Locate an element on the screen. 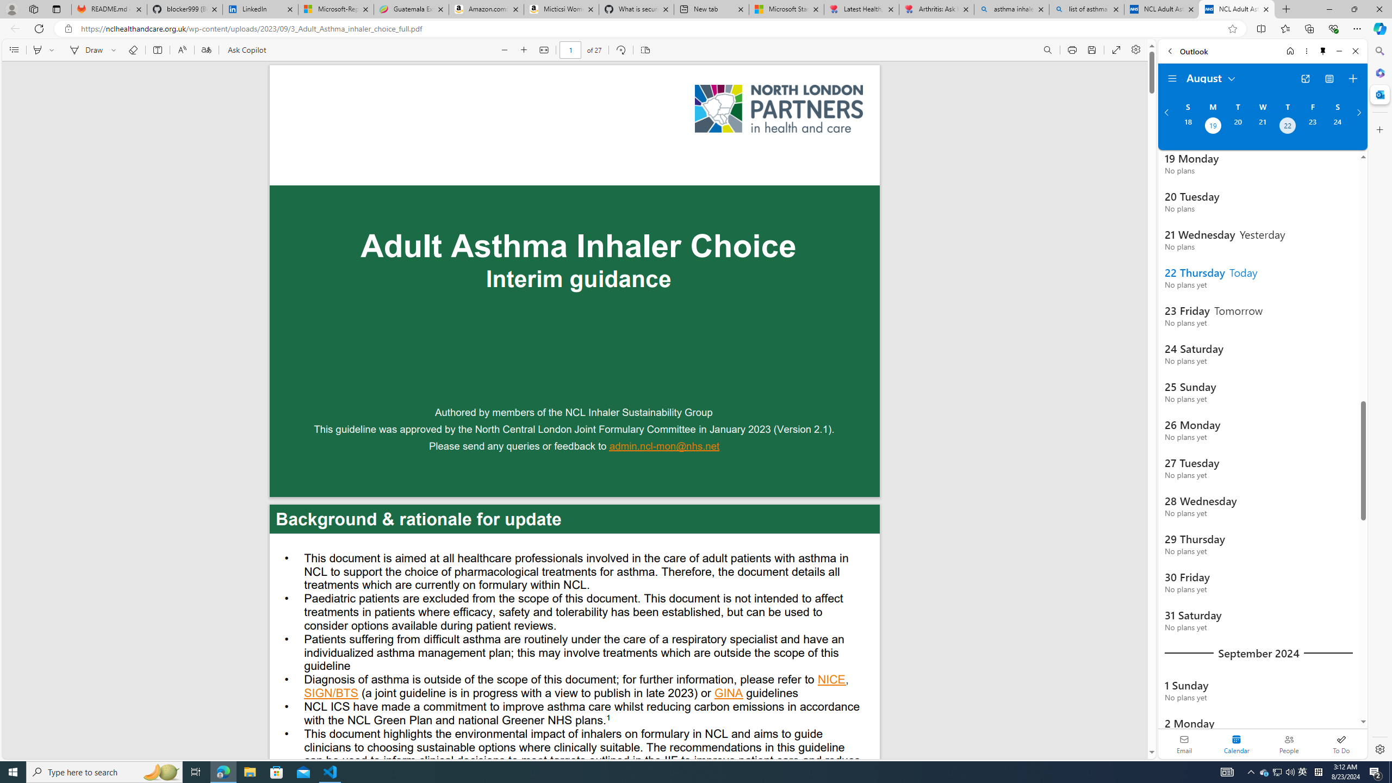 Image resolution: width=1392 pixels, height=783 pixels. 'Zoom out (Ctrl+Minus key)' is located at coordinates (505, 49).